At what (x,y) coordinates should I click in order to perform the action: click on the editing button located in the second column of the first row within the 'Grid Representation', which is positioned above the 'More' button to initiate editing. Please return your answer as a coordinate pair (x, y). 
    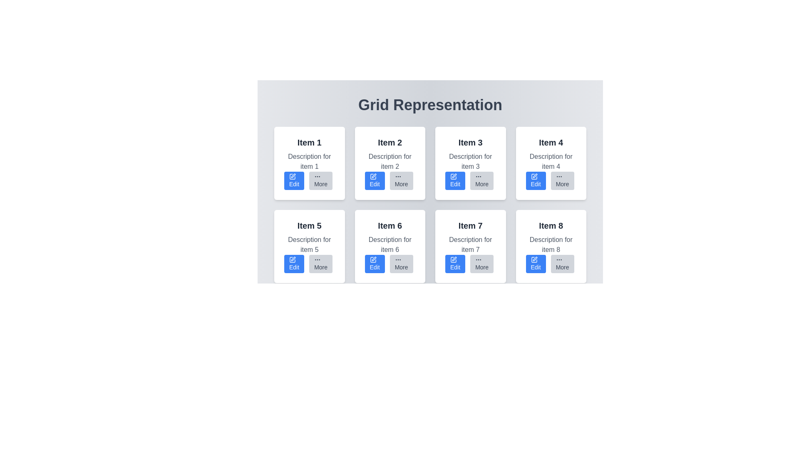
    Looking at the image, I should click on (374, 180).